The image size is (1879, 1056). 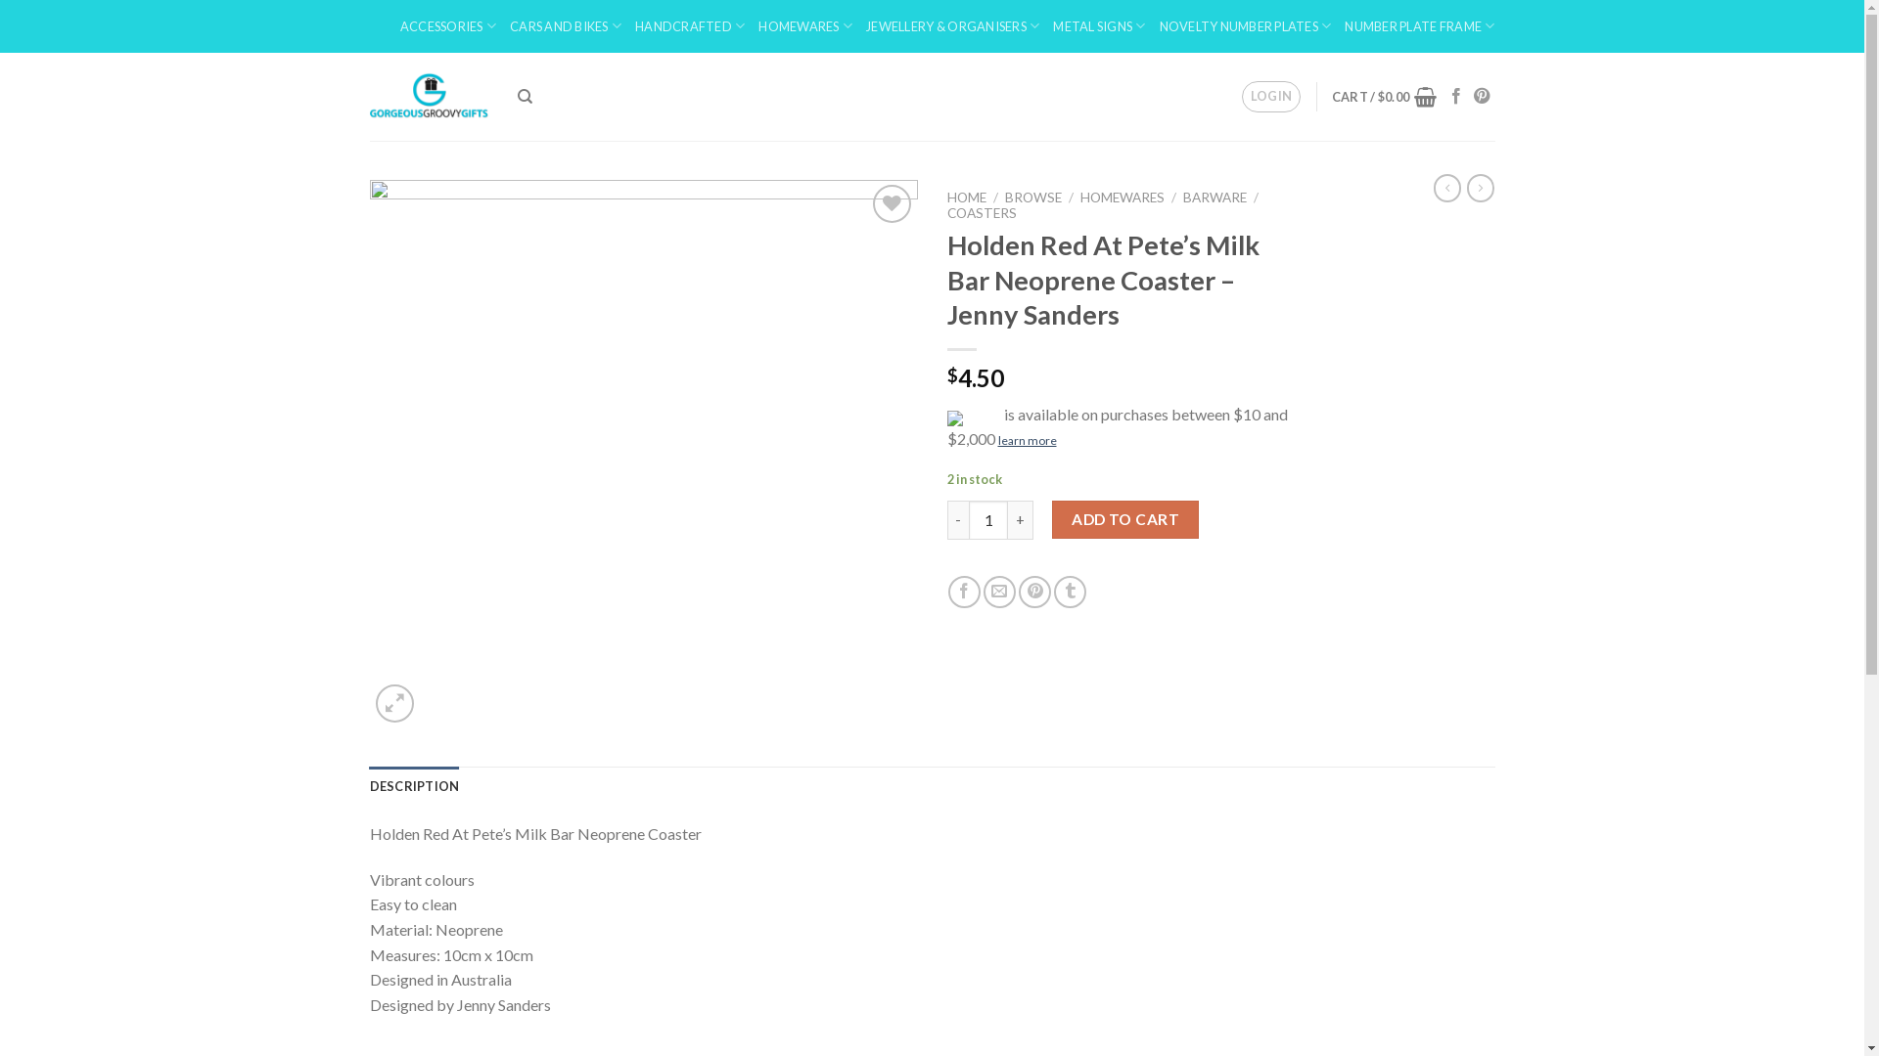 I want to click on 'DESCRIPTION', so click(x=413, y=784).